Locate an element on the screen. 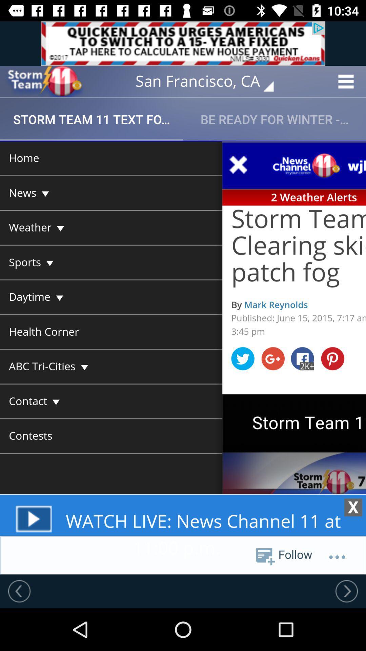 This screenshot has width=366, height=651. main menu is located at coordinates (183, 357).